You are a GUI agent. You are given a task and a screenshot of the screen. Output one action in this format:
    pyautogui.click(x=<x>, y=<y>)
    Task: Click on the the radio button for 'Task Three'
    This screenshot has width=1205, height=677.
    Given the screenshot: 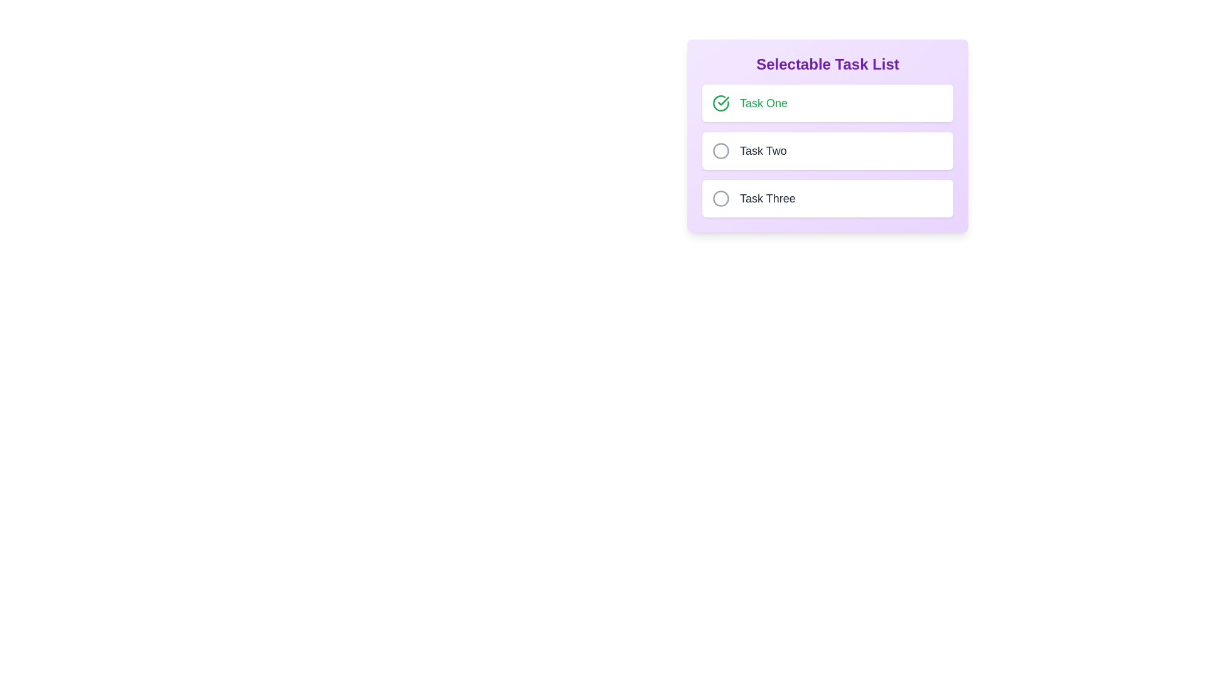 What is the action you would take?
    pyautogui.click(x=720, y=197)
    